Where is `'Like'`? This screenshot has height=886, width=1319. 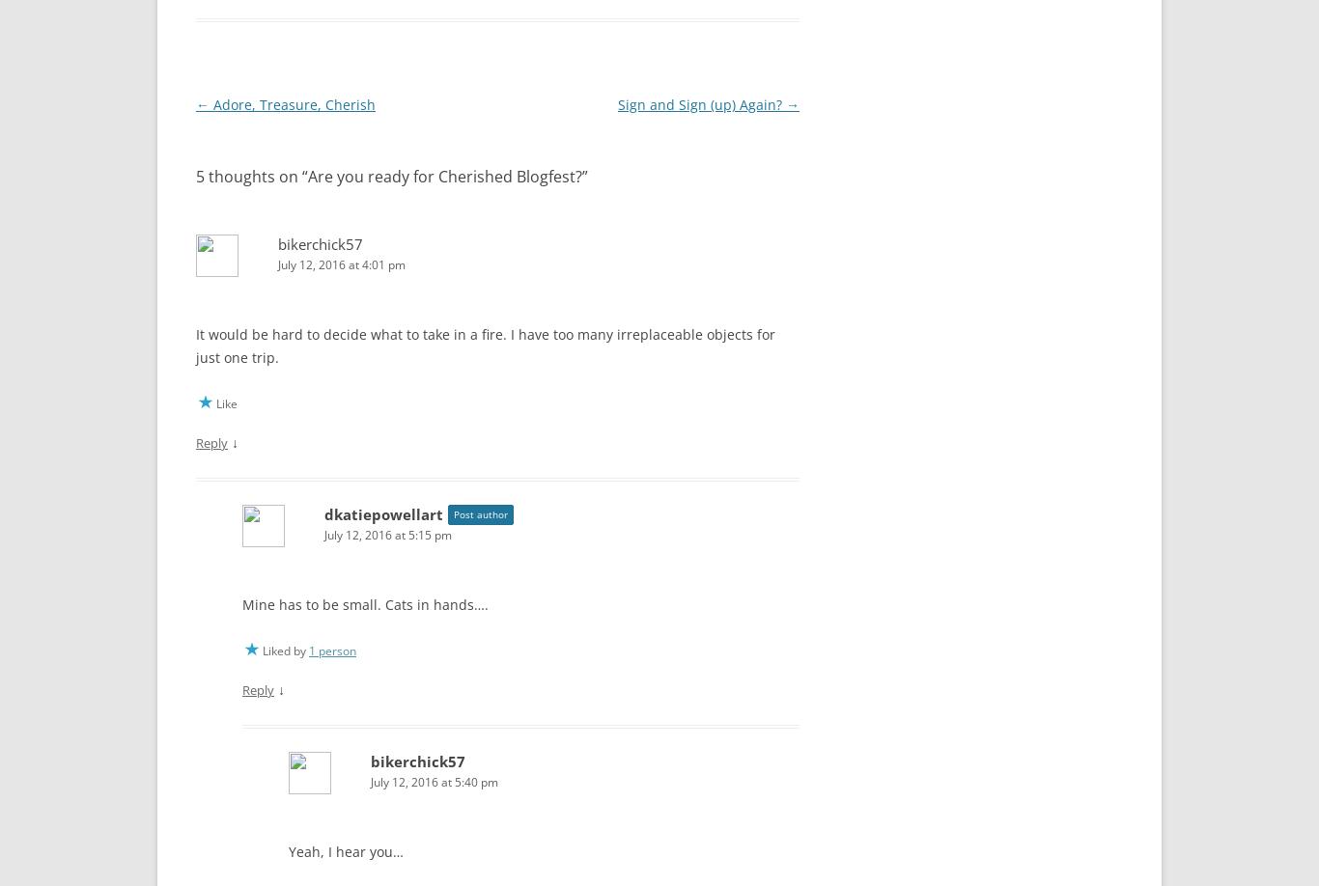
'Like' is located at coordinates (226, 398).